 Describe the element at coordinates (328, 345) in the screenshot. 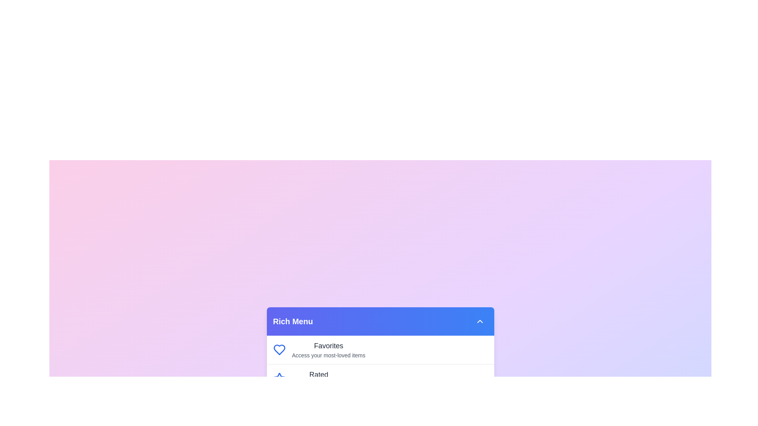

I see `the menu item Favorites to highlight it` at that location.